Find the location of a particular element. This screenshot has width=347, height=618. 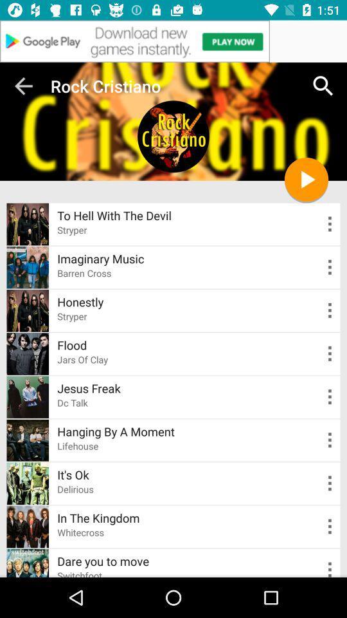

the more icon is located at coordinates (321, 551).